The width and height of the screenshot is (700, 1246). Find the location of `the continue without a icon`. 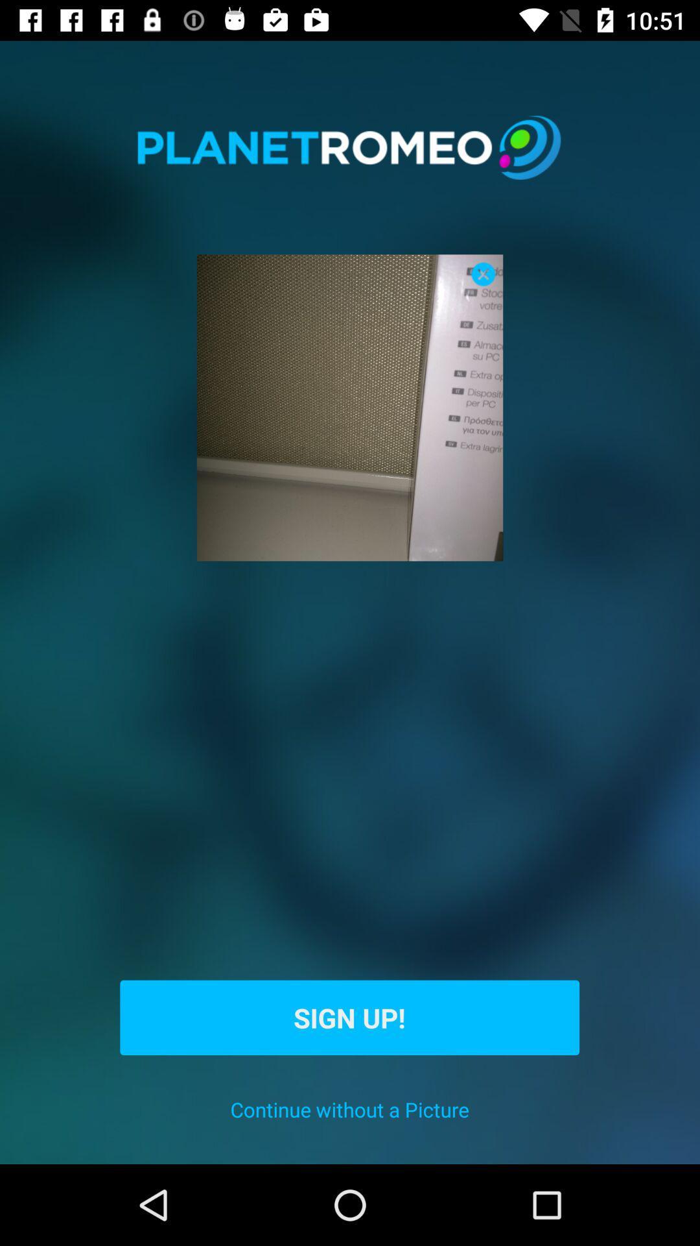

the continue without a icon is located at coordinates (349, 1108).